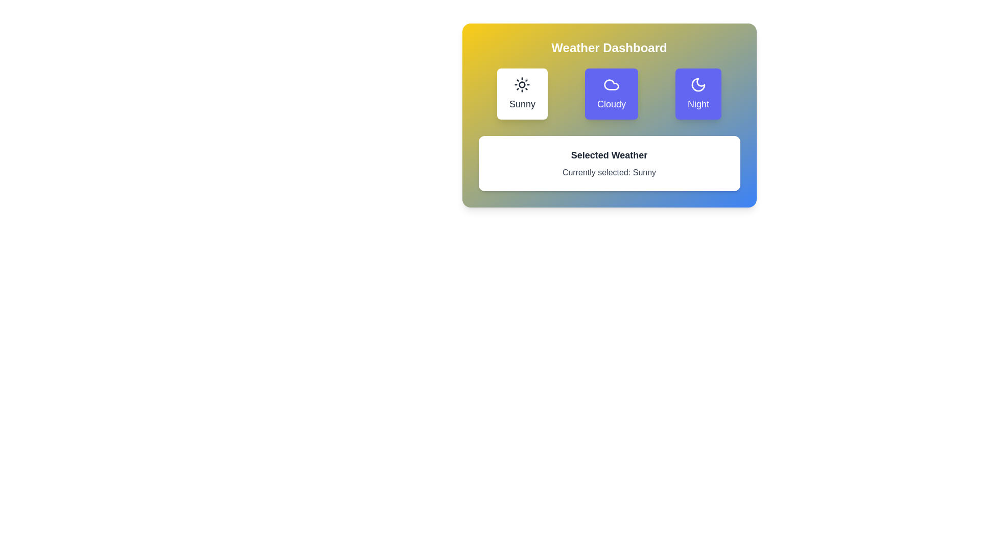 Image resolution: width=981 pixels, height=552 pixels. Describe the element at coordinates (609, 163) in the screenshot. I see `the Display Card that contains the text 'Selected Weather' and 'Currently selected: Sunny', located in the 'Weather Dashboard' section` at that location.